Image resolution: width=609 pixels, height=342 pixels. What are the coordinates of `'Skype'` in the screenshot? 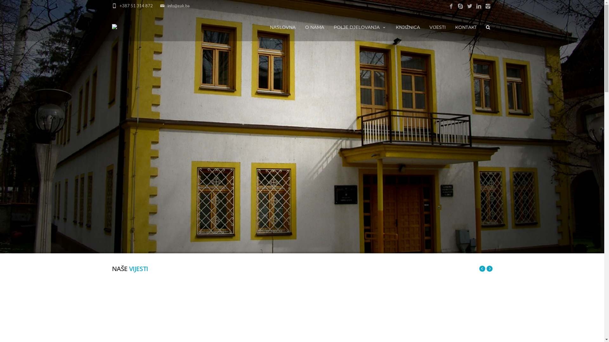 It's located at (460, 6).